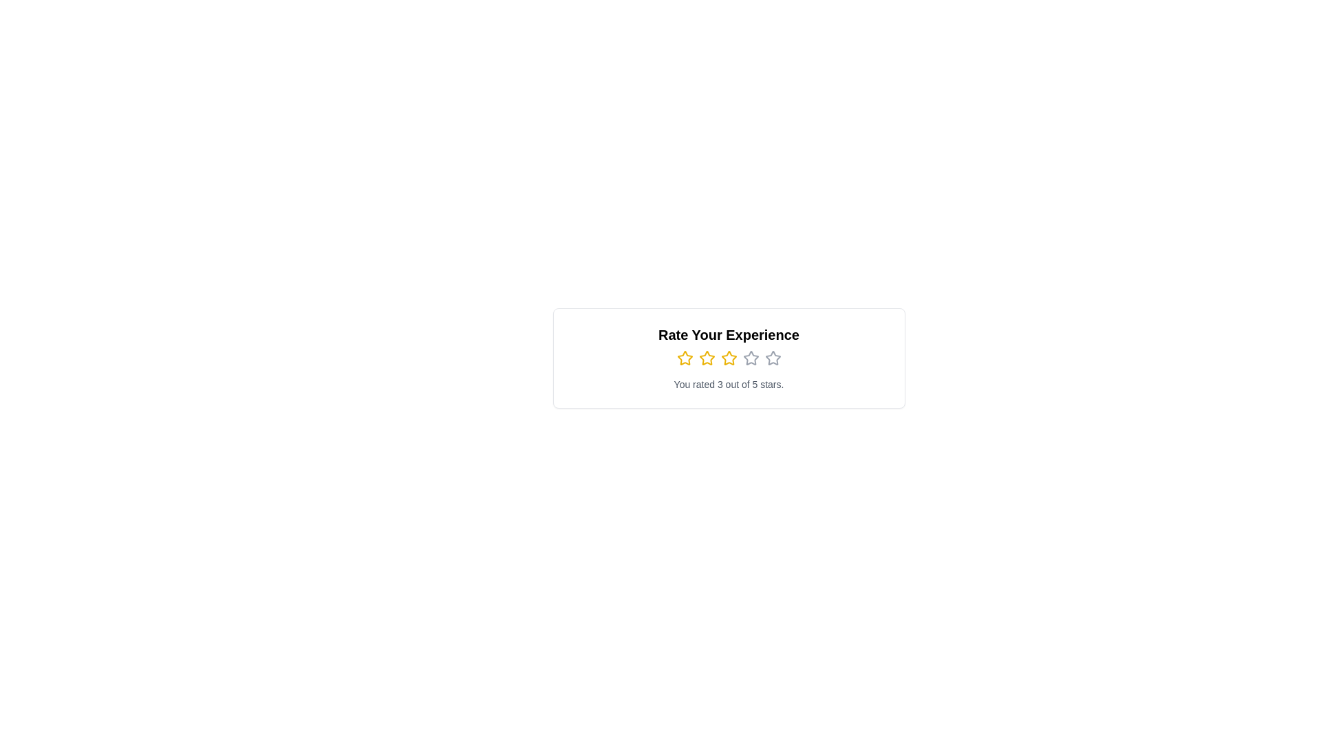 This screenshot has width=1321, height=743. I want to click on the third interactive rating star icon to rate the experience as 3 out of 5 stars, so click(728, 357).